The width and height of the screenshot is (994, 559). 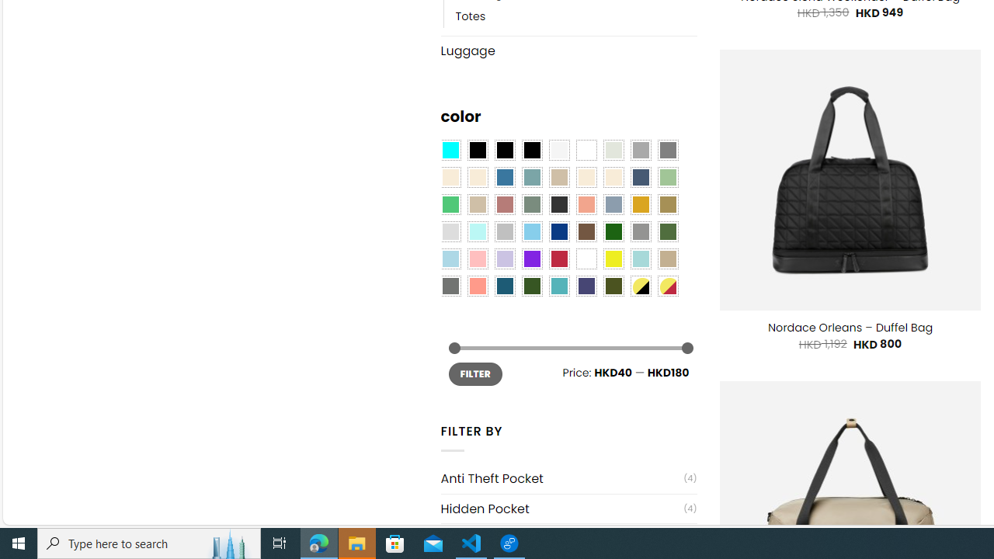 What do you see at coordinates (561, 509) in the screenshot?
I see `'Hidden Pocket'` at bounding box center [561, 509].